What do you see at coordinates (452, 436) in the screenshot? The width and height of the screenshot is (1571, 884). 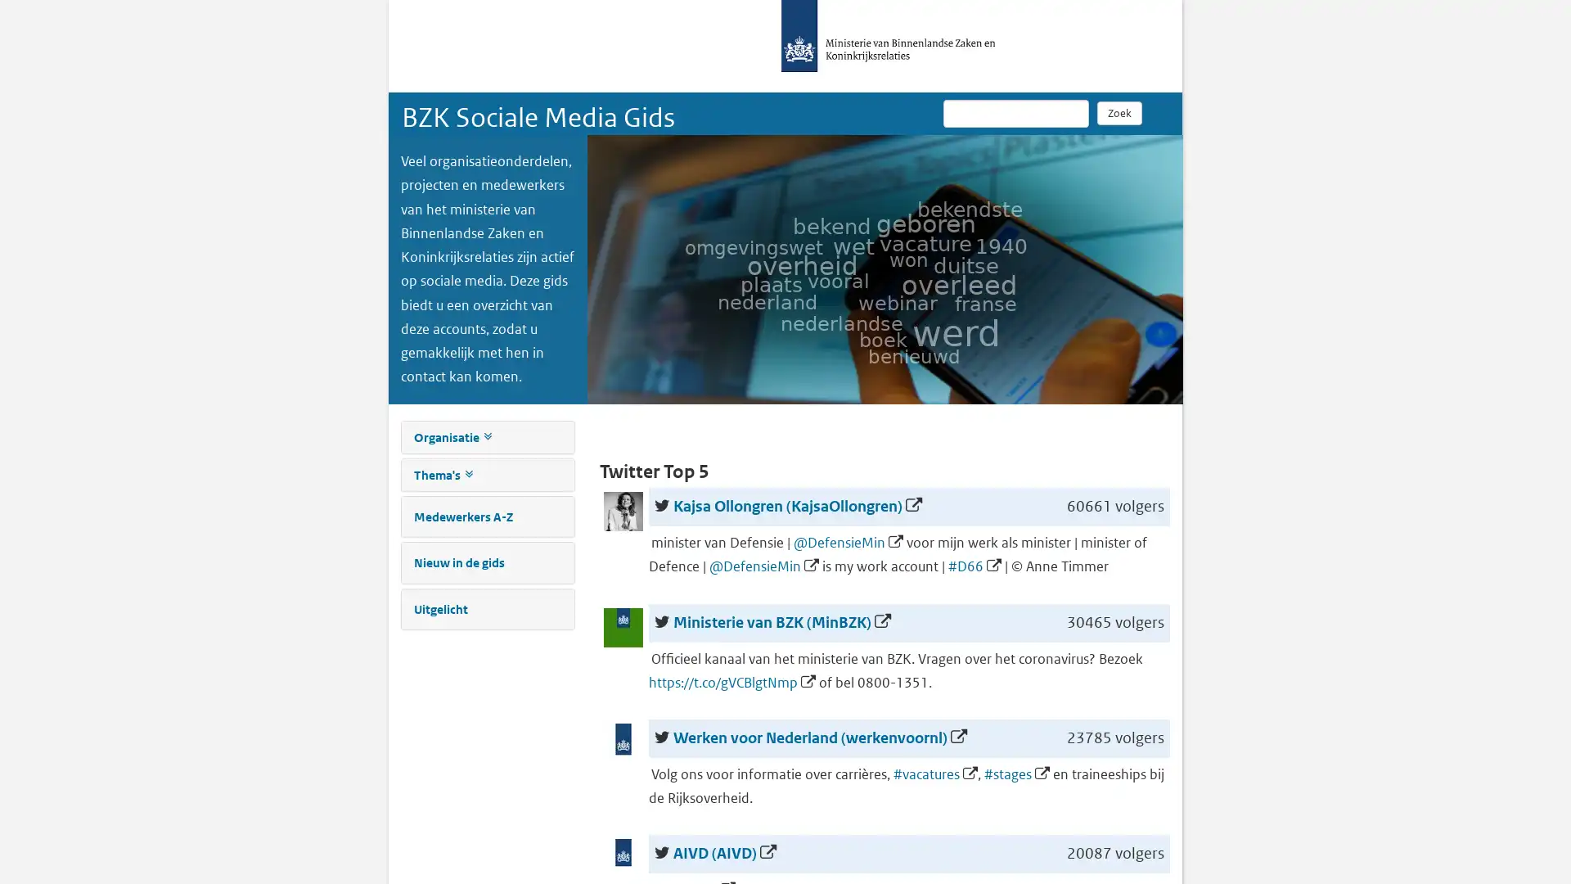 I see `Organisatie` at bounding box center [452, 436].